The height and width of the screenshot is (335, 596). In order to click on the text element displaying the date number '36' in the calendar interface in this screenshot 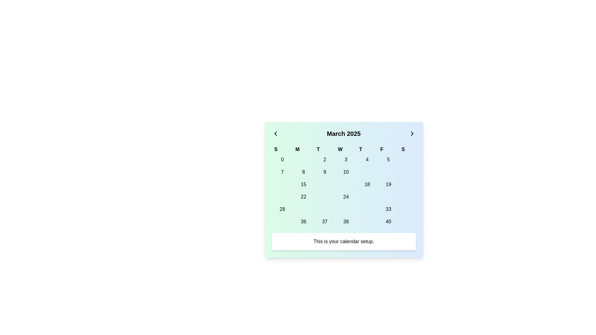, I will do `click(304, 221)`.